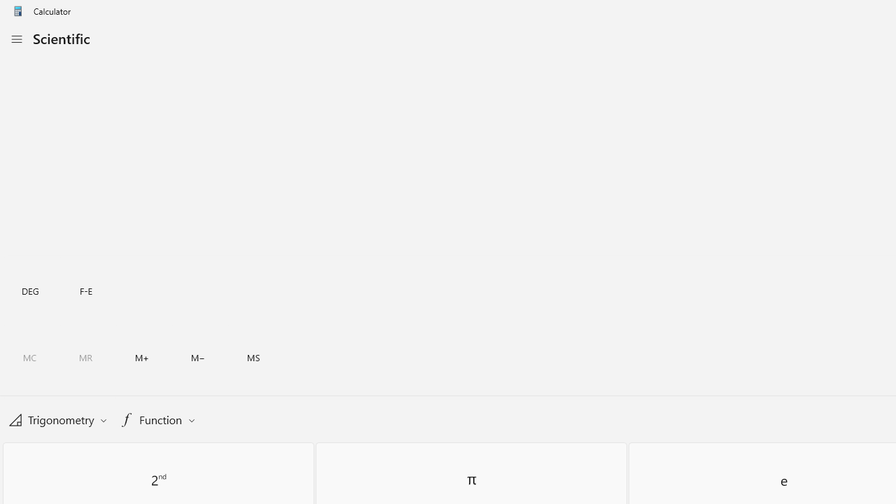  What do you see at coordinates (16, 38) in the screenshot?
I see `'Open Navigation'` at bounding box center [16, 38].